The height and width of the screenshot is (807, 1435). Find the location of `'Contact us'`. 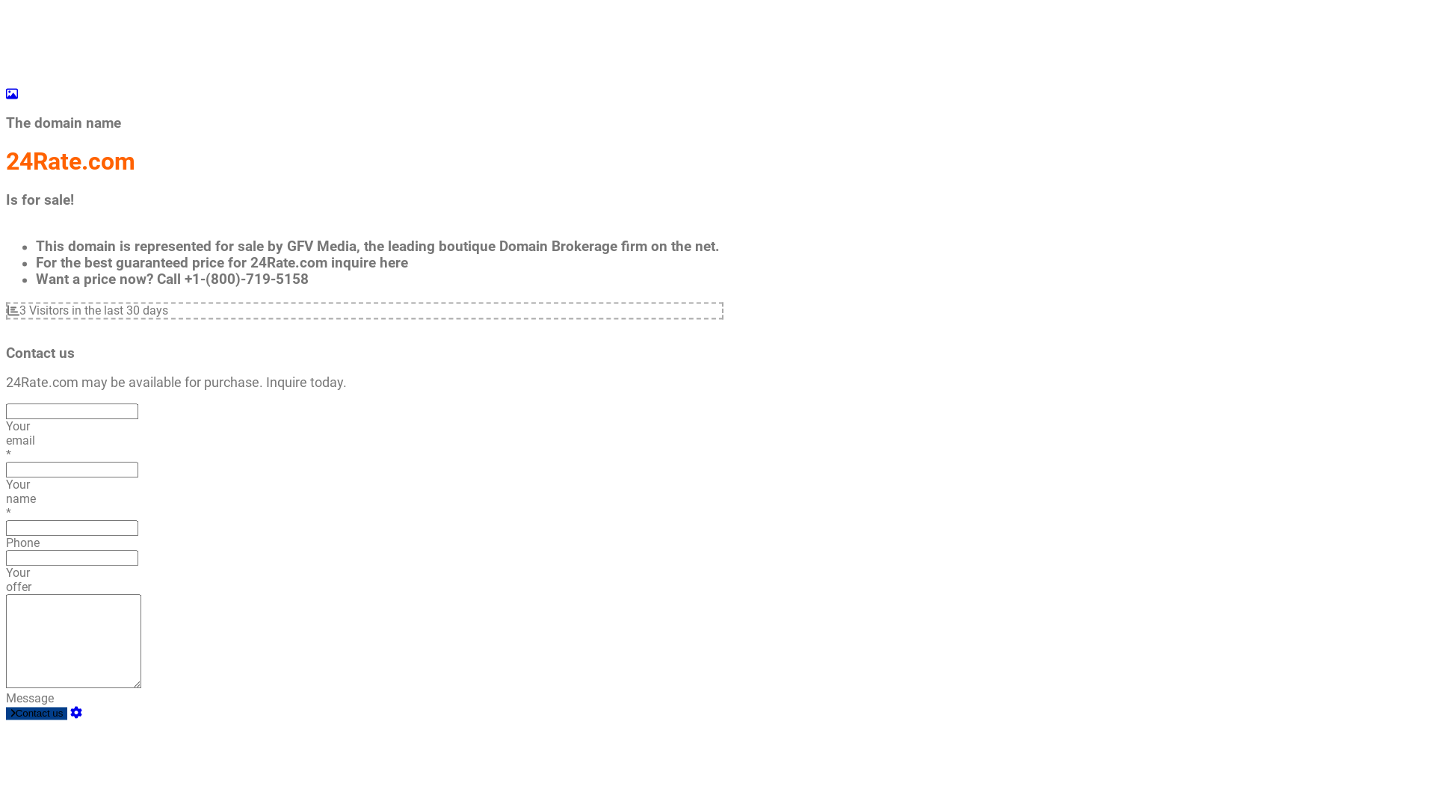

'Contact us' is located at coordinates (36, 713).